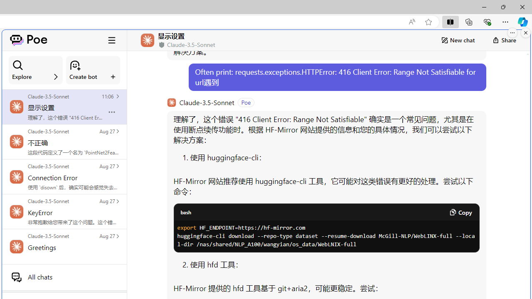 The image size is (532, 299). I want to click on 'Class: ToggleSidebarCollapseButton_hamburgerIcon__VuiyV', so click(111, 40).